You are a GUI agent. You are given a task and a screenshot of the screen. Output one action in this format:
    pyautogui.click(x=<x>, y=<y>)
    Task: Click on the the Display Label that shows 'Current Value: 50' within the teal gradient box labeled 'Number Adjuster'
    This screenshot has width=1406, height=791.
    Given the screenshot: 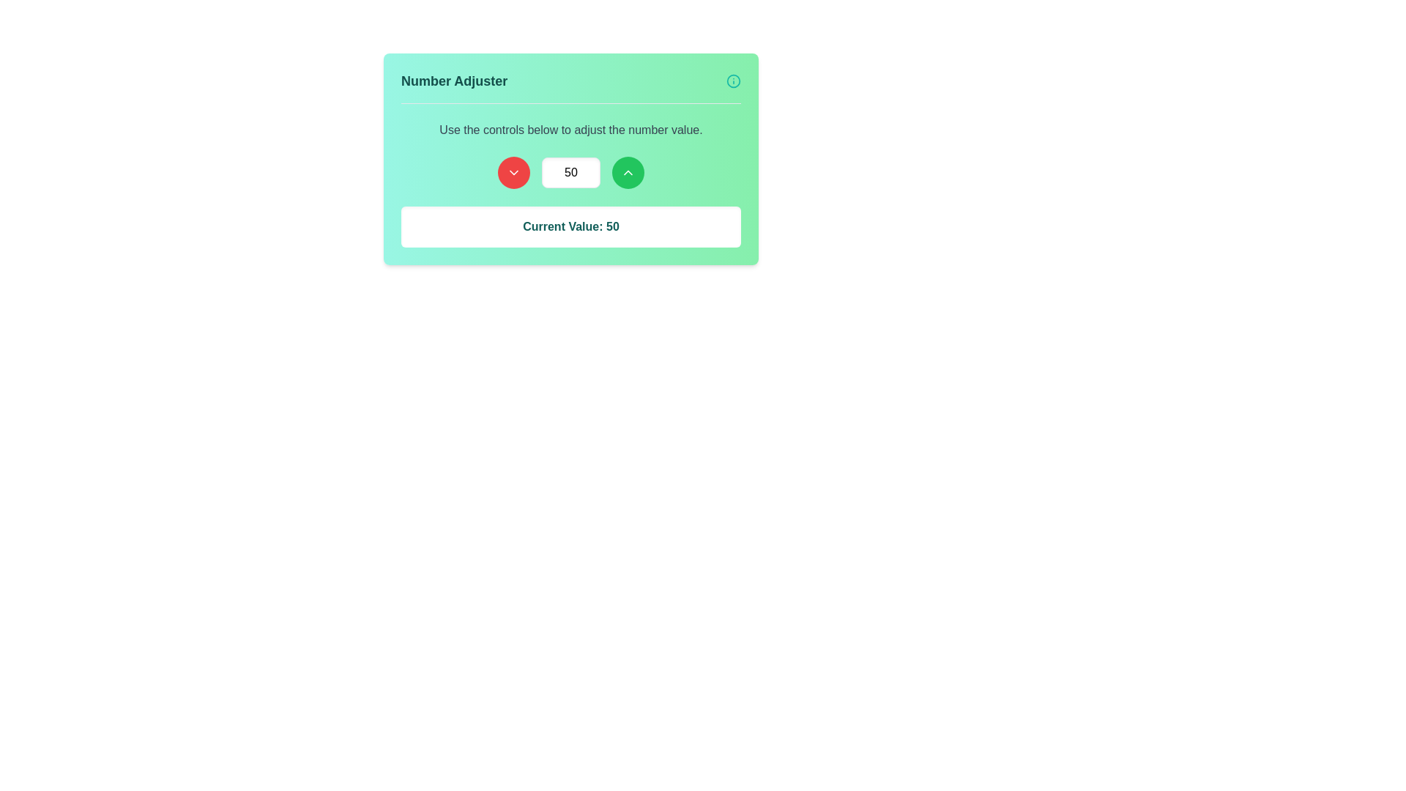 What is the action you would take?
    pyautogui.click(x=570, y=226)
    